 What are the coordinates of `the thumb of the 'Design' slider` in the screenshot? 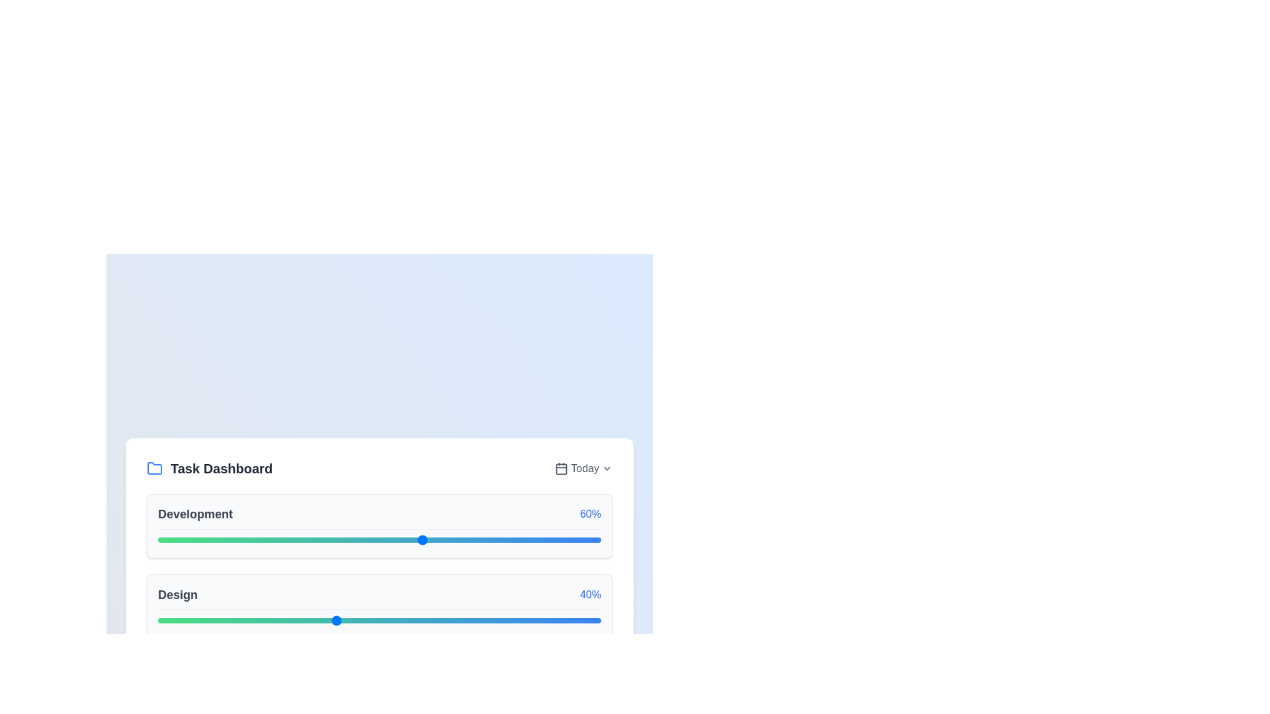 It's located at (379, 620).